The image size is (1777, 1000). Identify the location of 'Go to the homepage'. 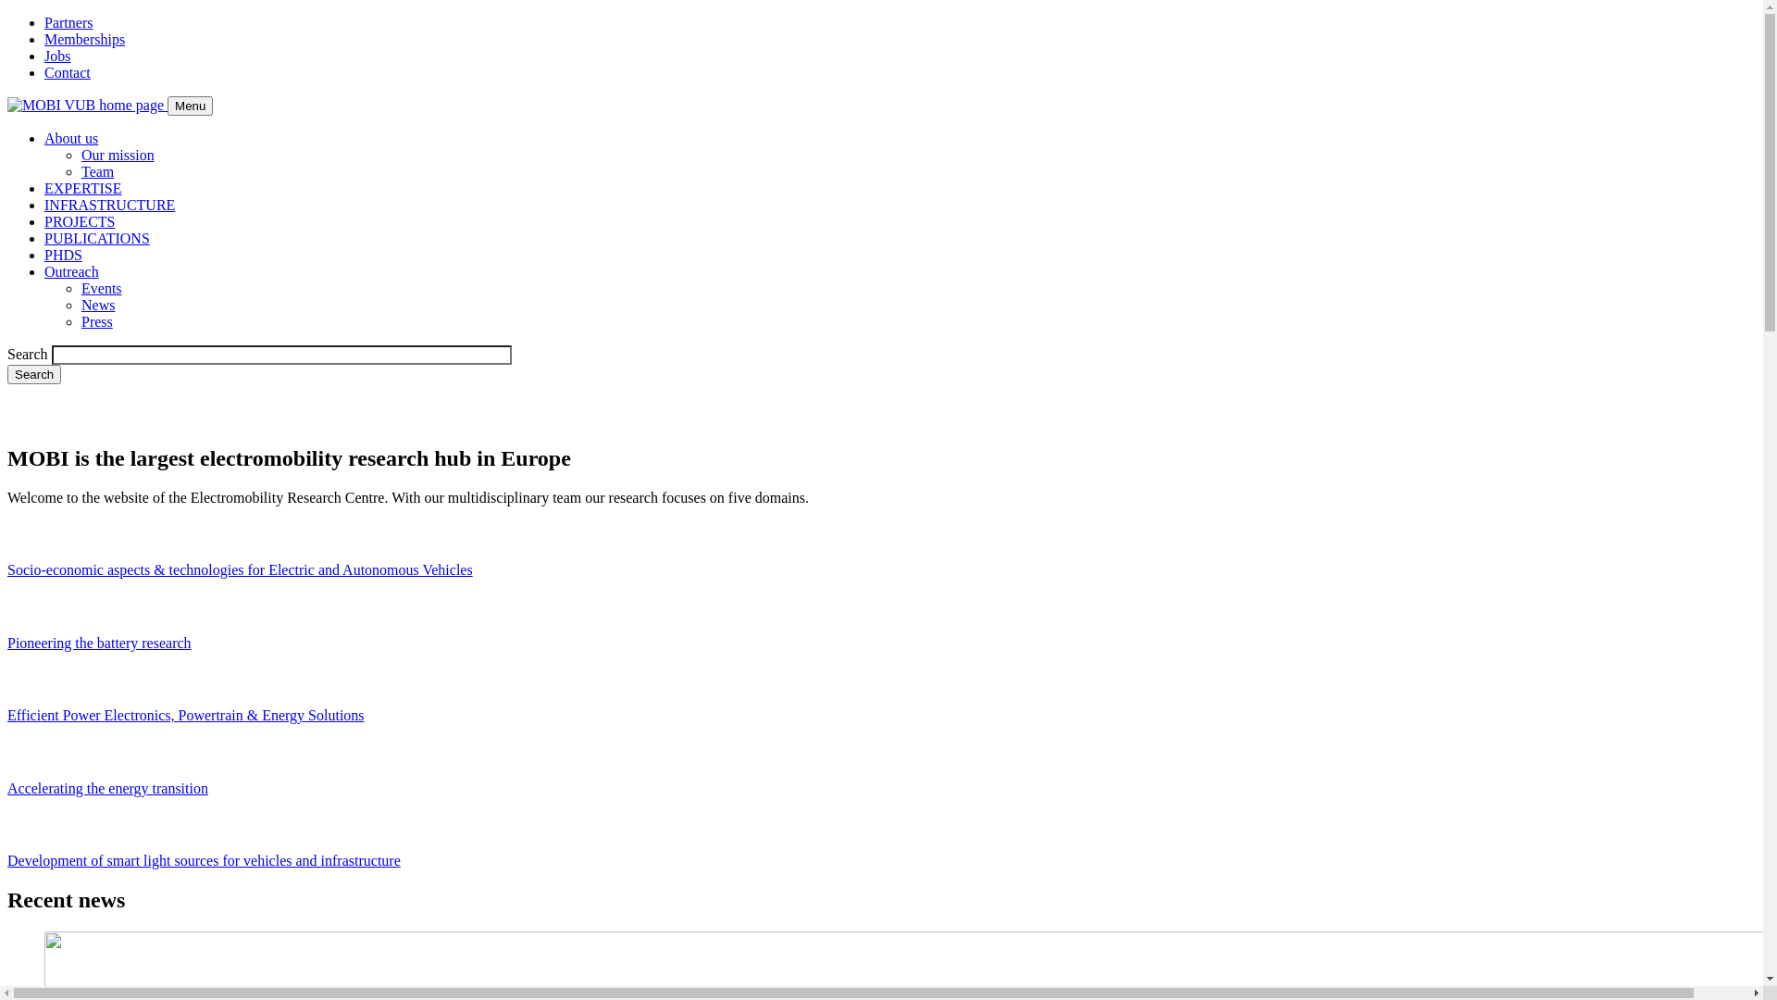
(86, 105).